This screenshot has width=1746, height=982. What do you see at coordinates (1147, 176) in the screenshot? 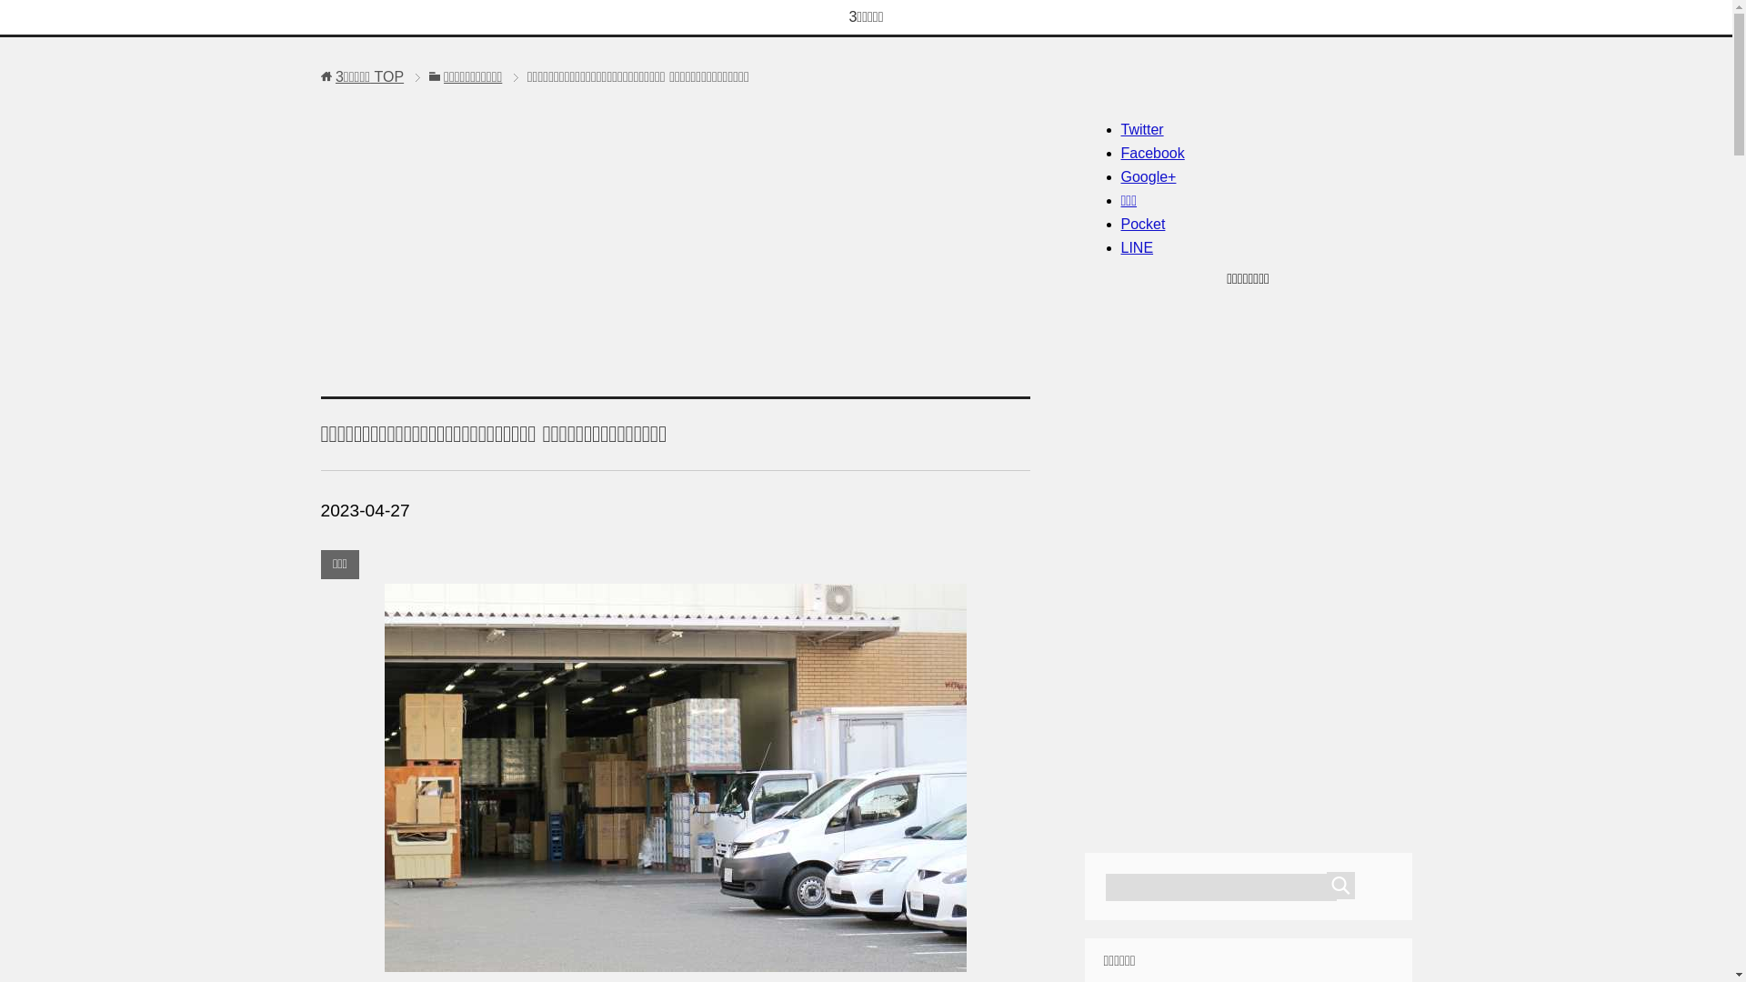
I see `'Google+'` at bounding box center [1147, 176].